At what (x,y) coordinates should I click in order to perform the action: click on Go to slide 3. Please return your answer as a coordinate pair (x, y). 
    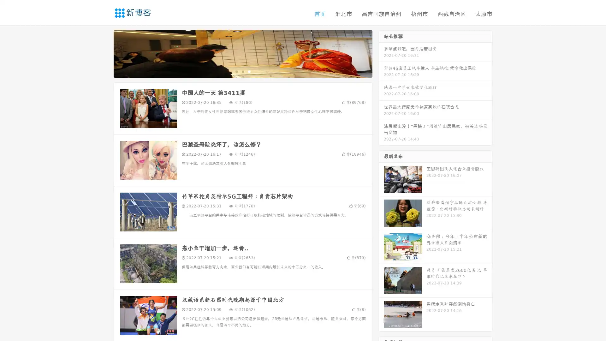
    Looking at the image, I should click on (249, 71).